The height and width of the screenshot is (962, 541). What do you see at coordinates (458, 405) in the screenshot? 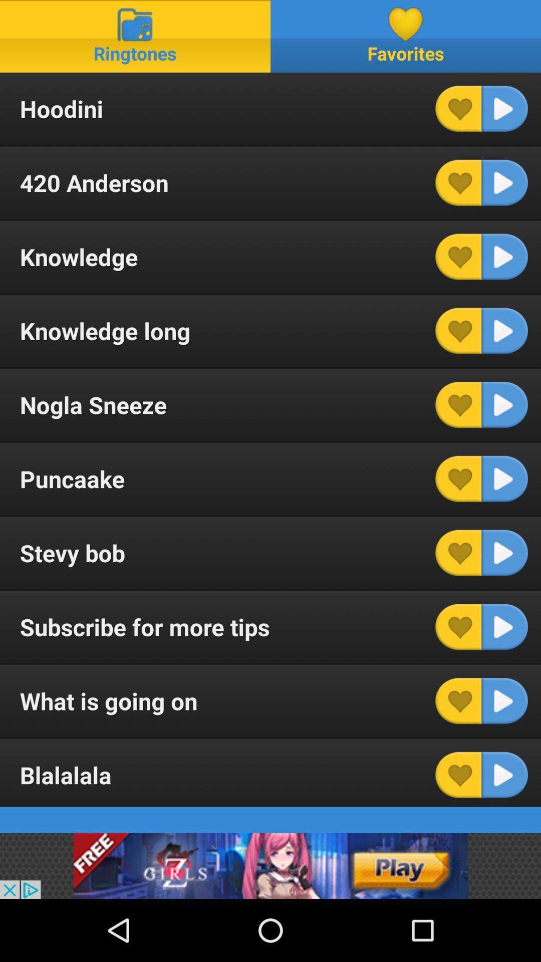
I see `ringtone to favorites` at bounding box center [458, 405].